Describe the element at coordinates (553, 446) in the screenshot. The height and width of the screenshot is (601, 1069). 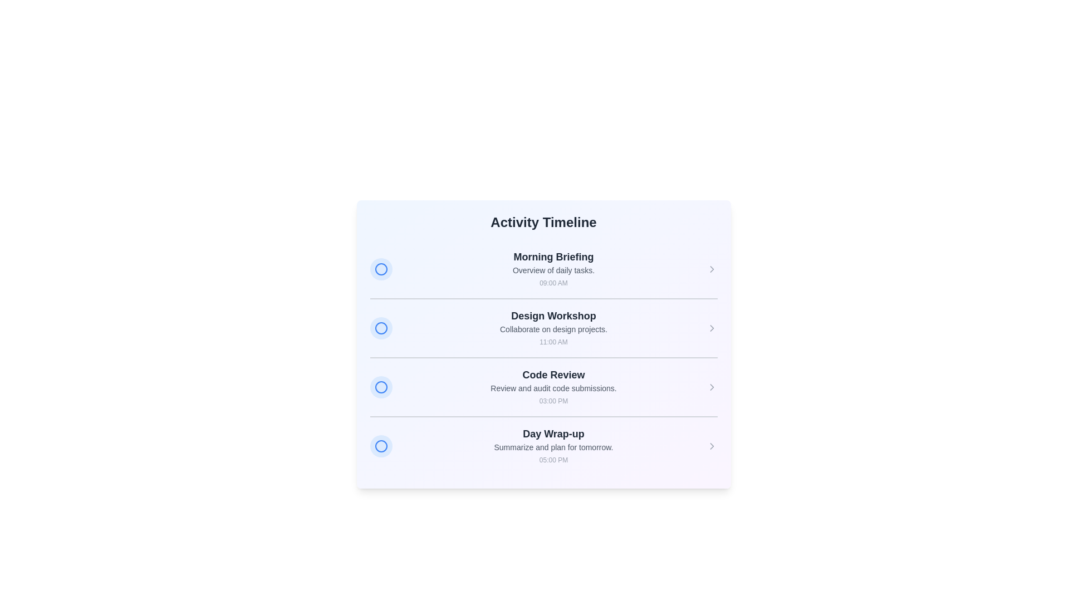
I see `the fourth list item titled 'Day Wrap-up' which contains the summary text and time for additional context` at that location.